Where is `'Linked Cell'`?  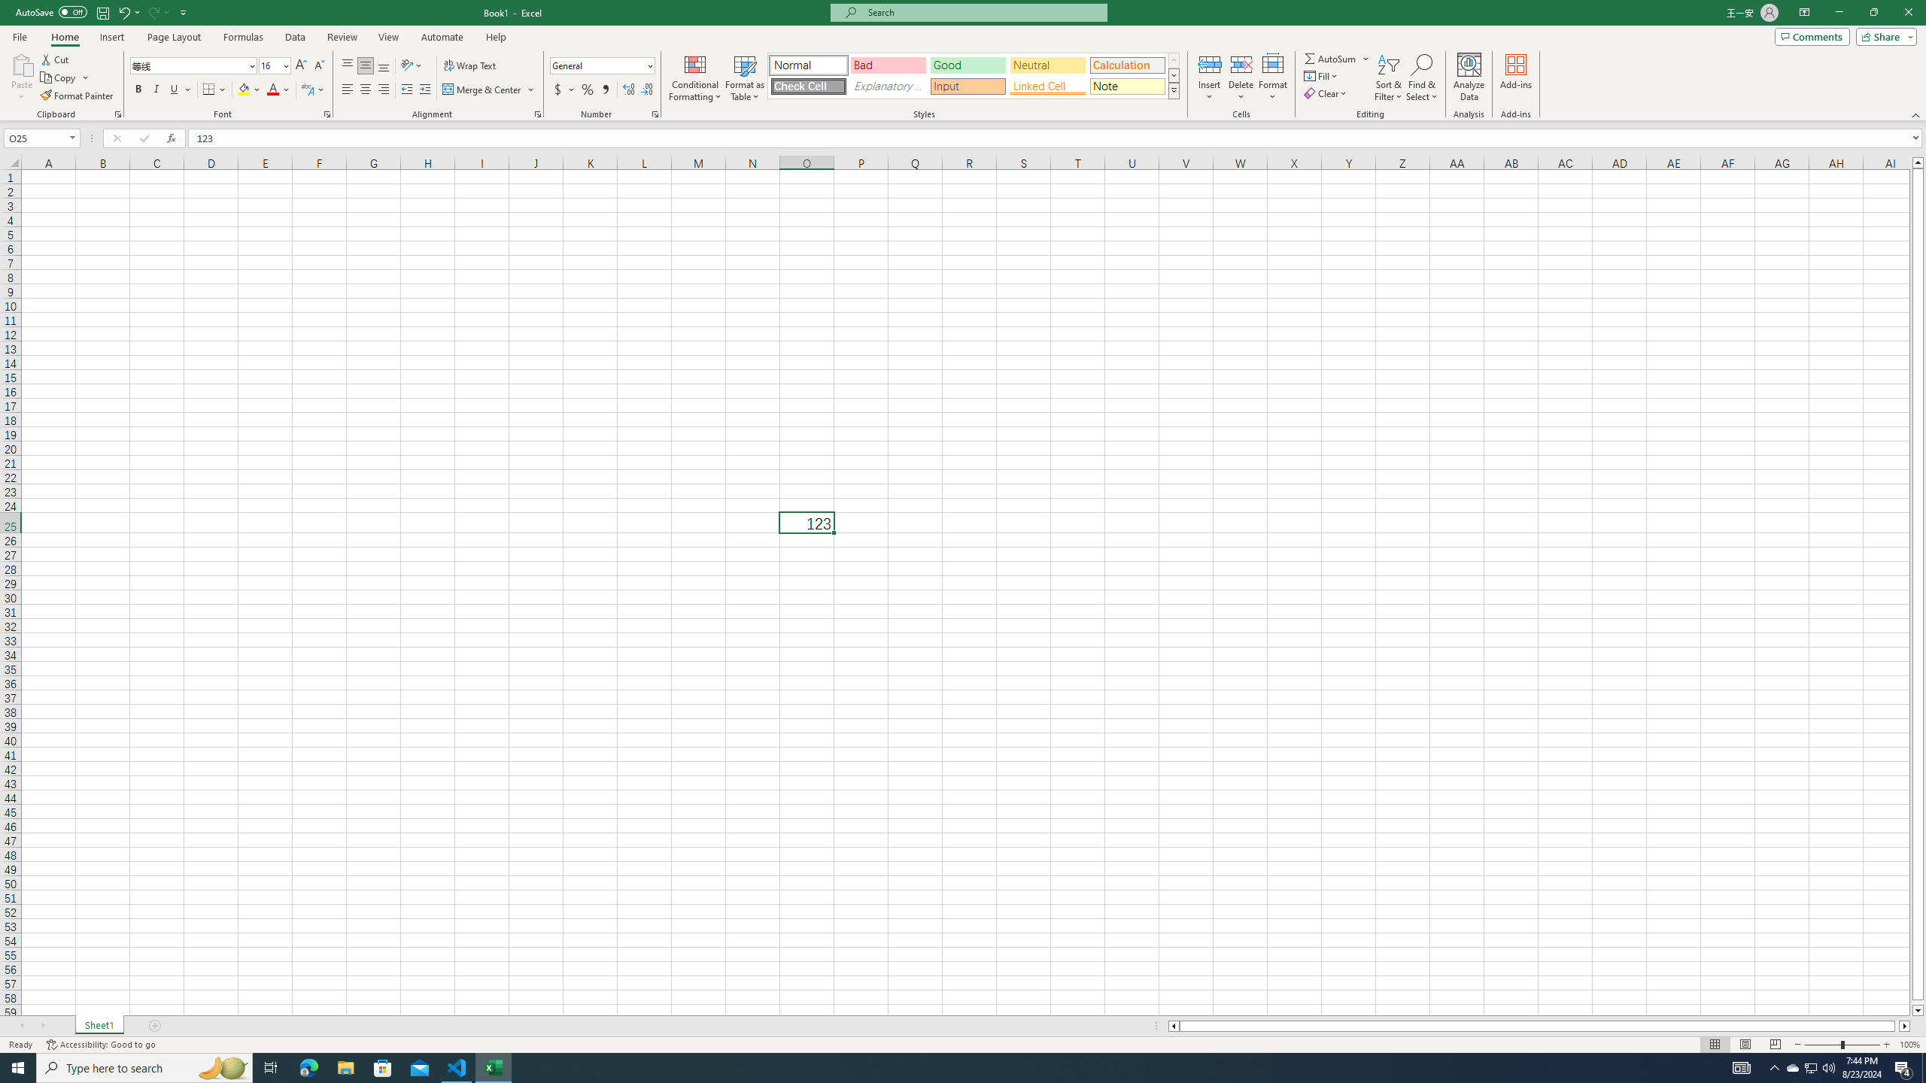
'Linked Cell' is located at coordinates (1047, 86).